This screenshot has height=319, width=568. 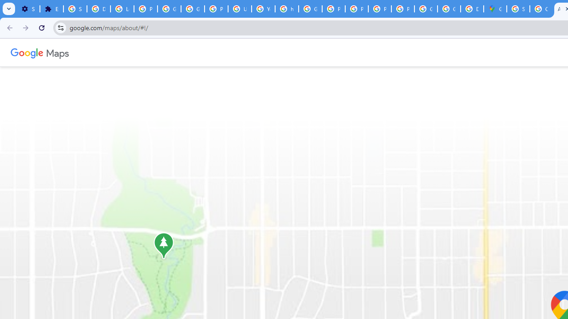 I want to click on 'Google', so click(x=27, y=52).